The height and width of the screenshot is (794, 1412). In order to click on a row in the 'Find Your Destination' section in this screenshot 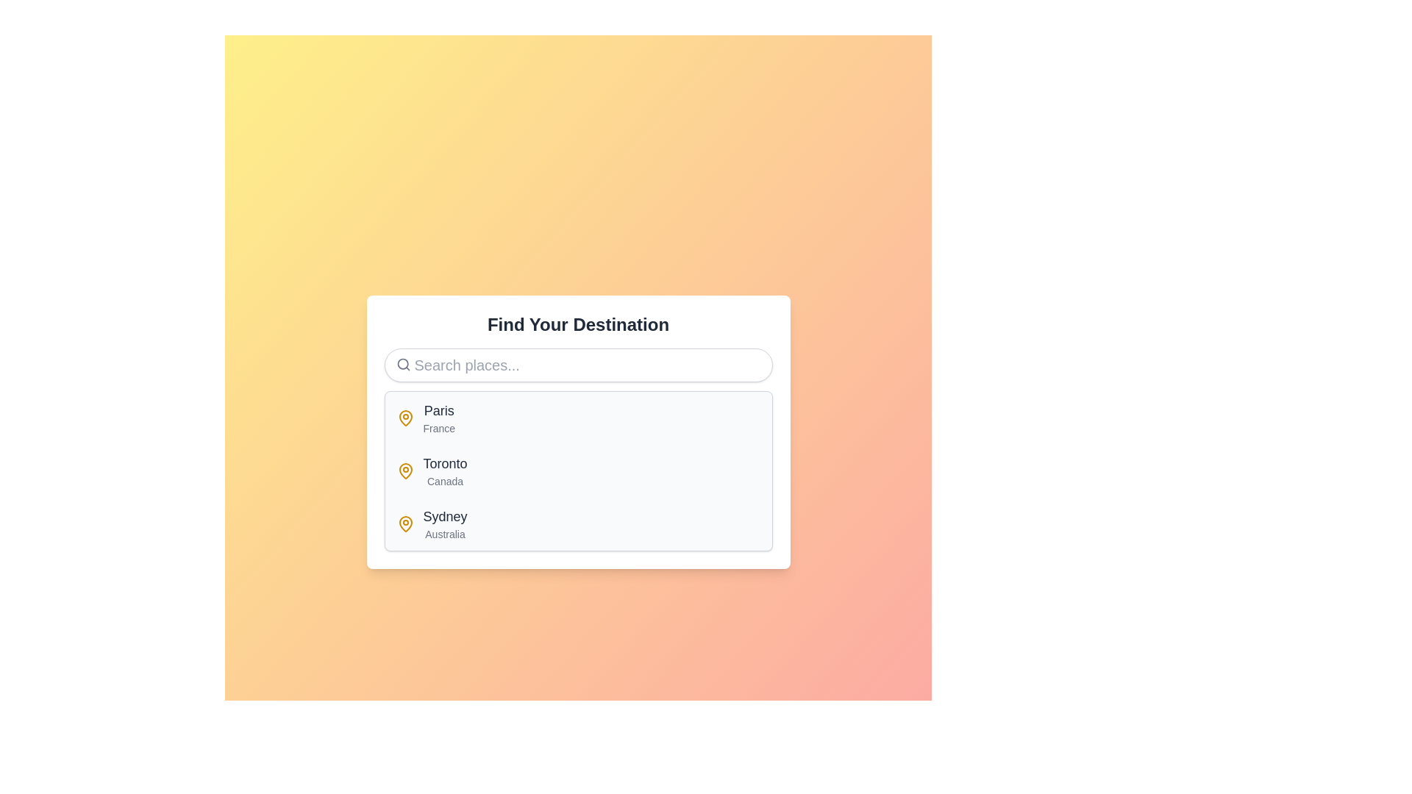, I will do `click(577, 471)`.